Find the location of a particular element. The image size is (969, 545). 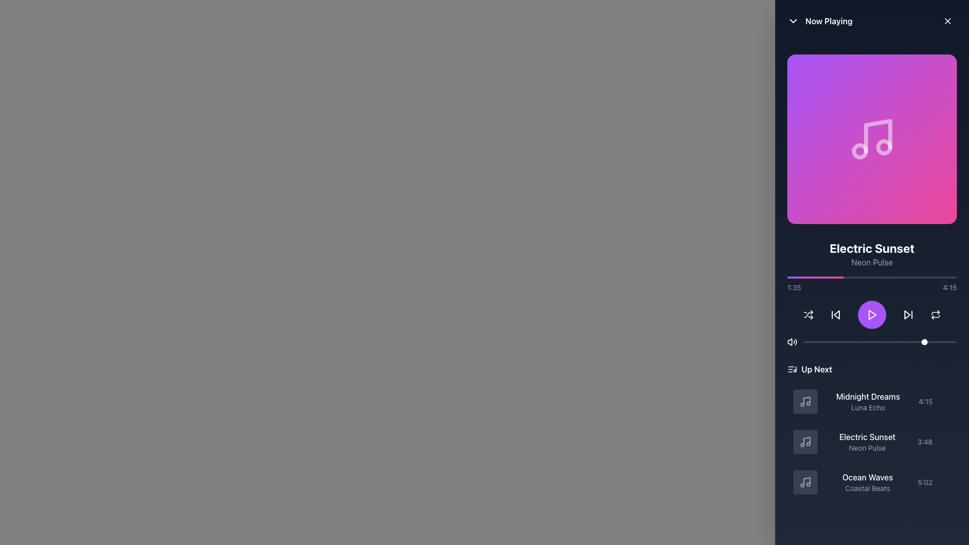

the square icon with a dark gray background featuring a centered musical note symbol, located at the leftmost position in the second row of the 'Up Next' section, aligned with the text 'Electric Sunset' is located at coordinates (805, 441).